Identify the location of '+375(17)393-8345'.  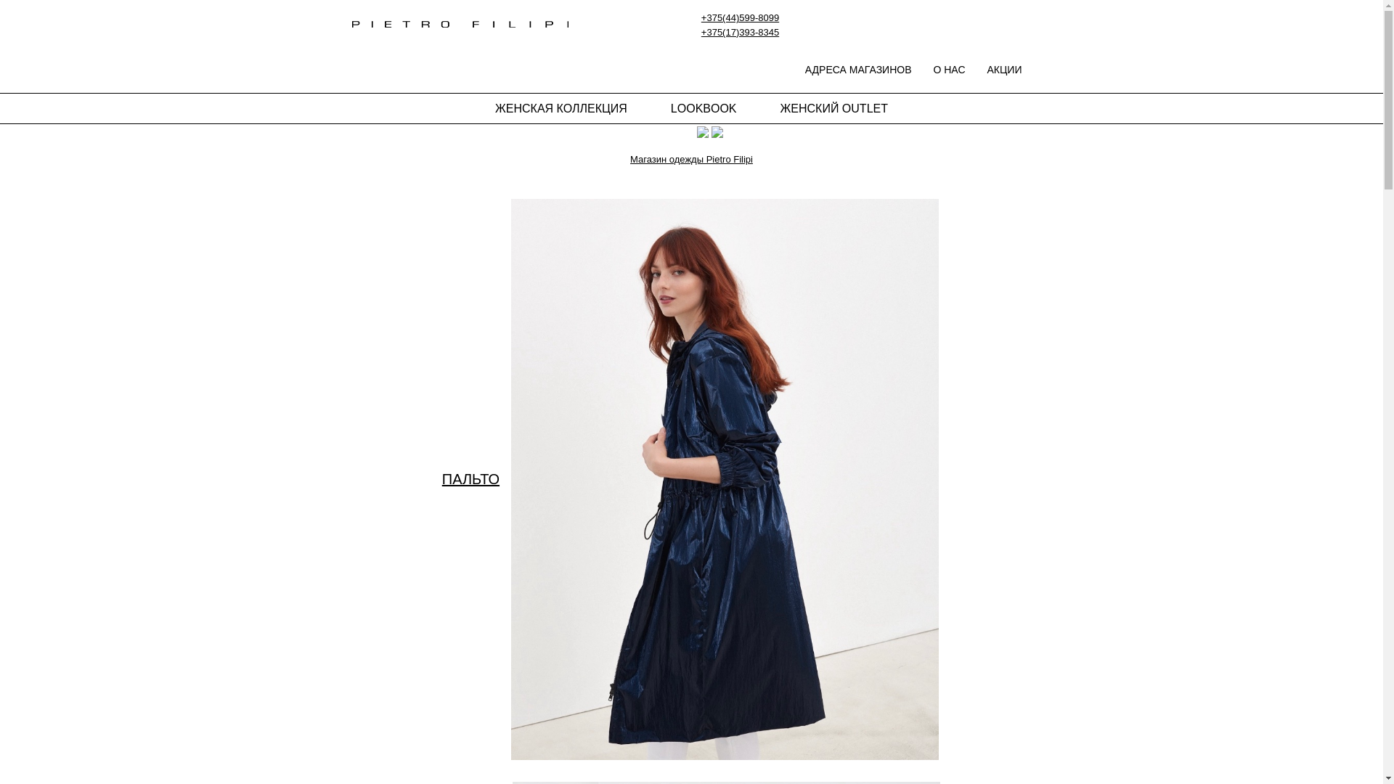
(740, 31).